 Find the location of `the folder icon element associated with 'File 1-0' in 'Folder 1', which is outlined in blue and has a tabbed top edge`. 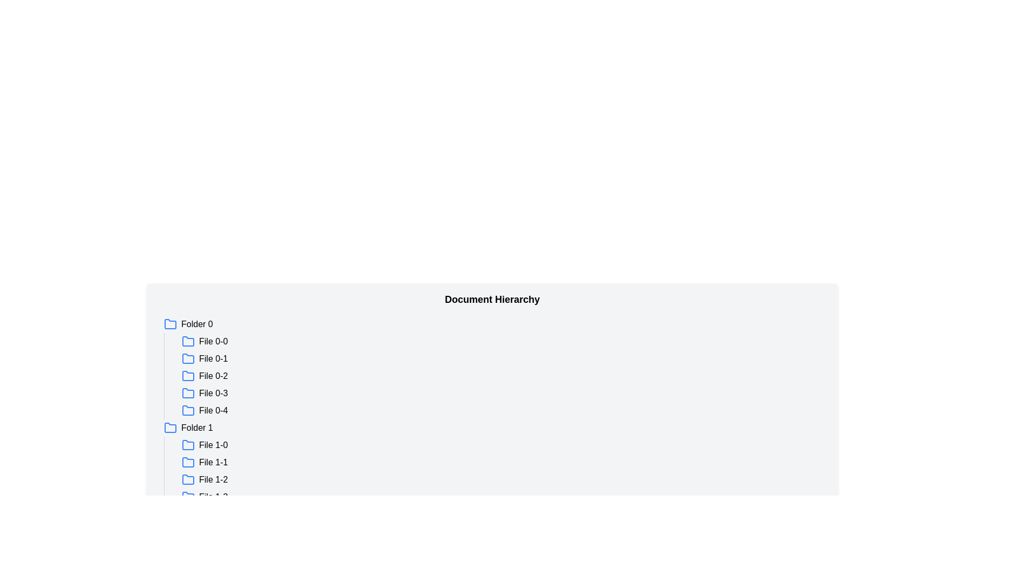

the folder icon element associated with 'File 1-0' in 'Folder 1', which is outlined in blue and has a tabbed top edge is located at coordinates (188, 445).